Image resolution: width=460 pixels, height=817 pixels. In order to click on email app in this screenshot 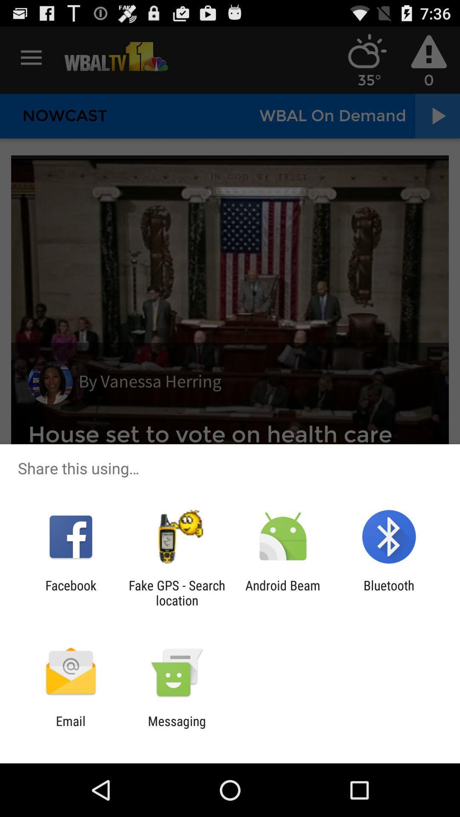, I will do `click(70, 728)`.